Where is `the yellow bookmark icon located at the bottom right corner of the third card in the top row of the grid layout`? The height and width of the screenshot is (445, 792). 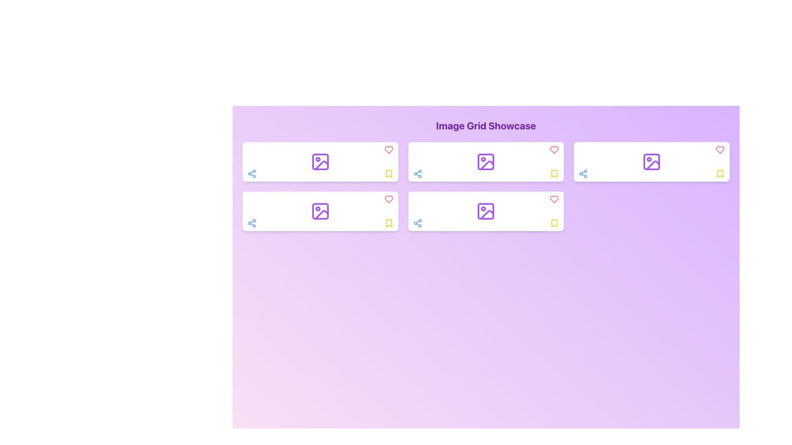 the yellow bookmark icon located at the bottom right corner of the third card in the top row of the grid layout is located at coordinates (554, 223).